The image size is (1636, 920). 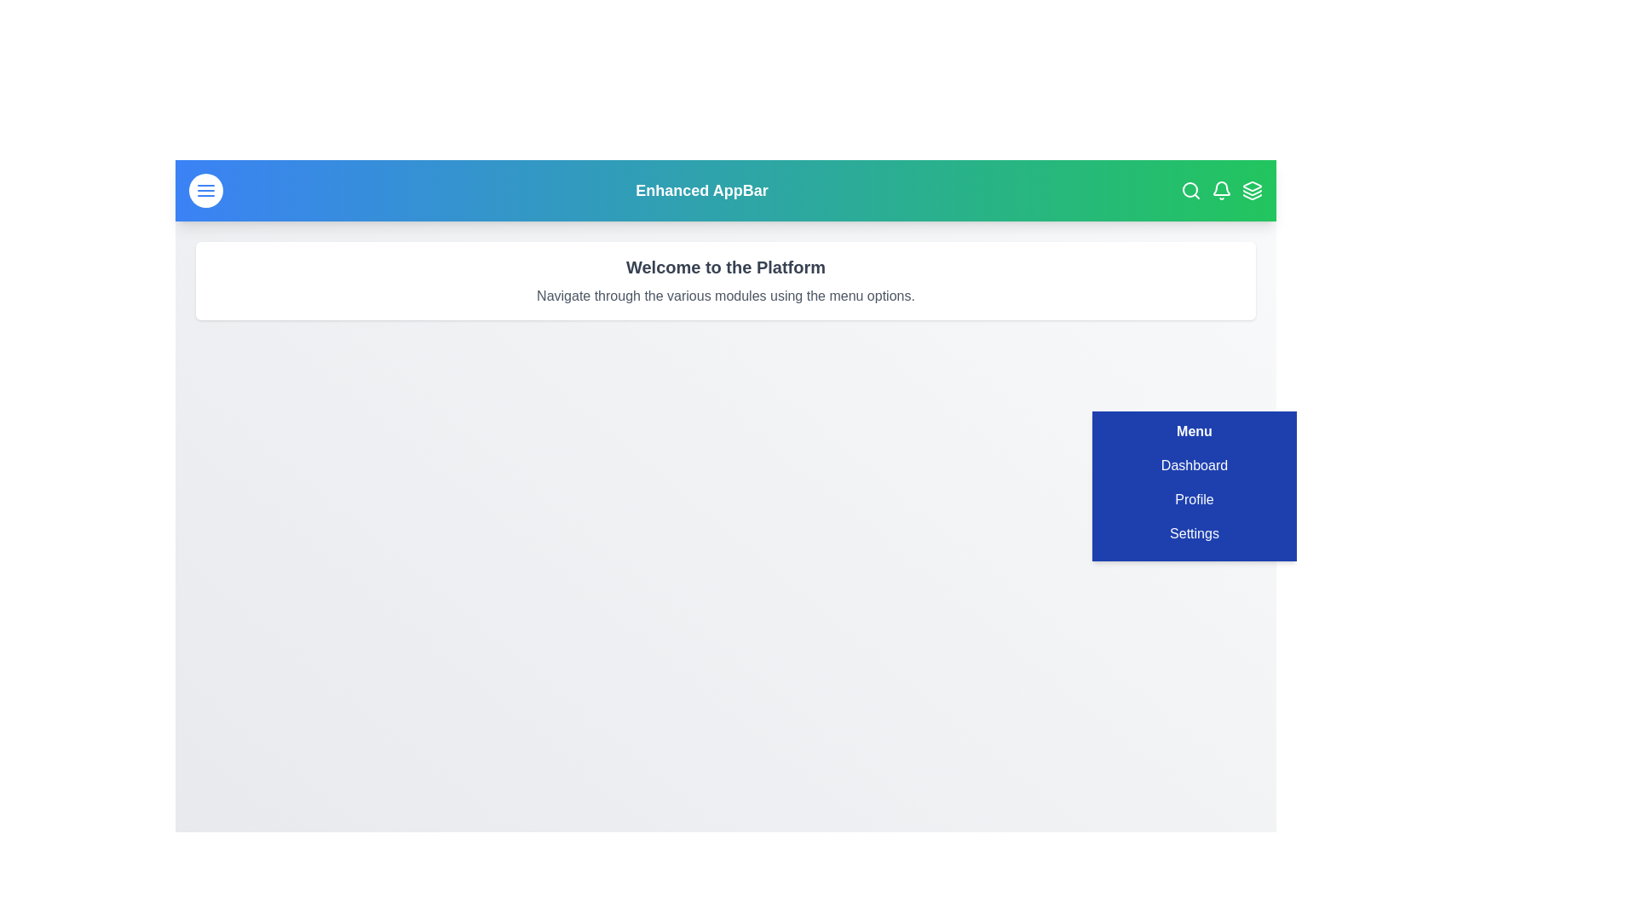 I want to click on the menu toggle button to toggle the menu visibility, so click(x=204, y=190).